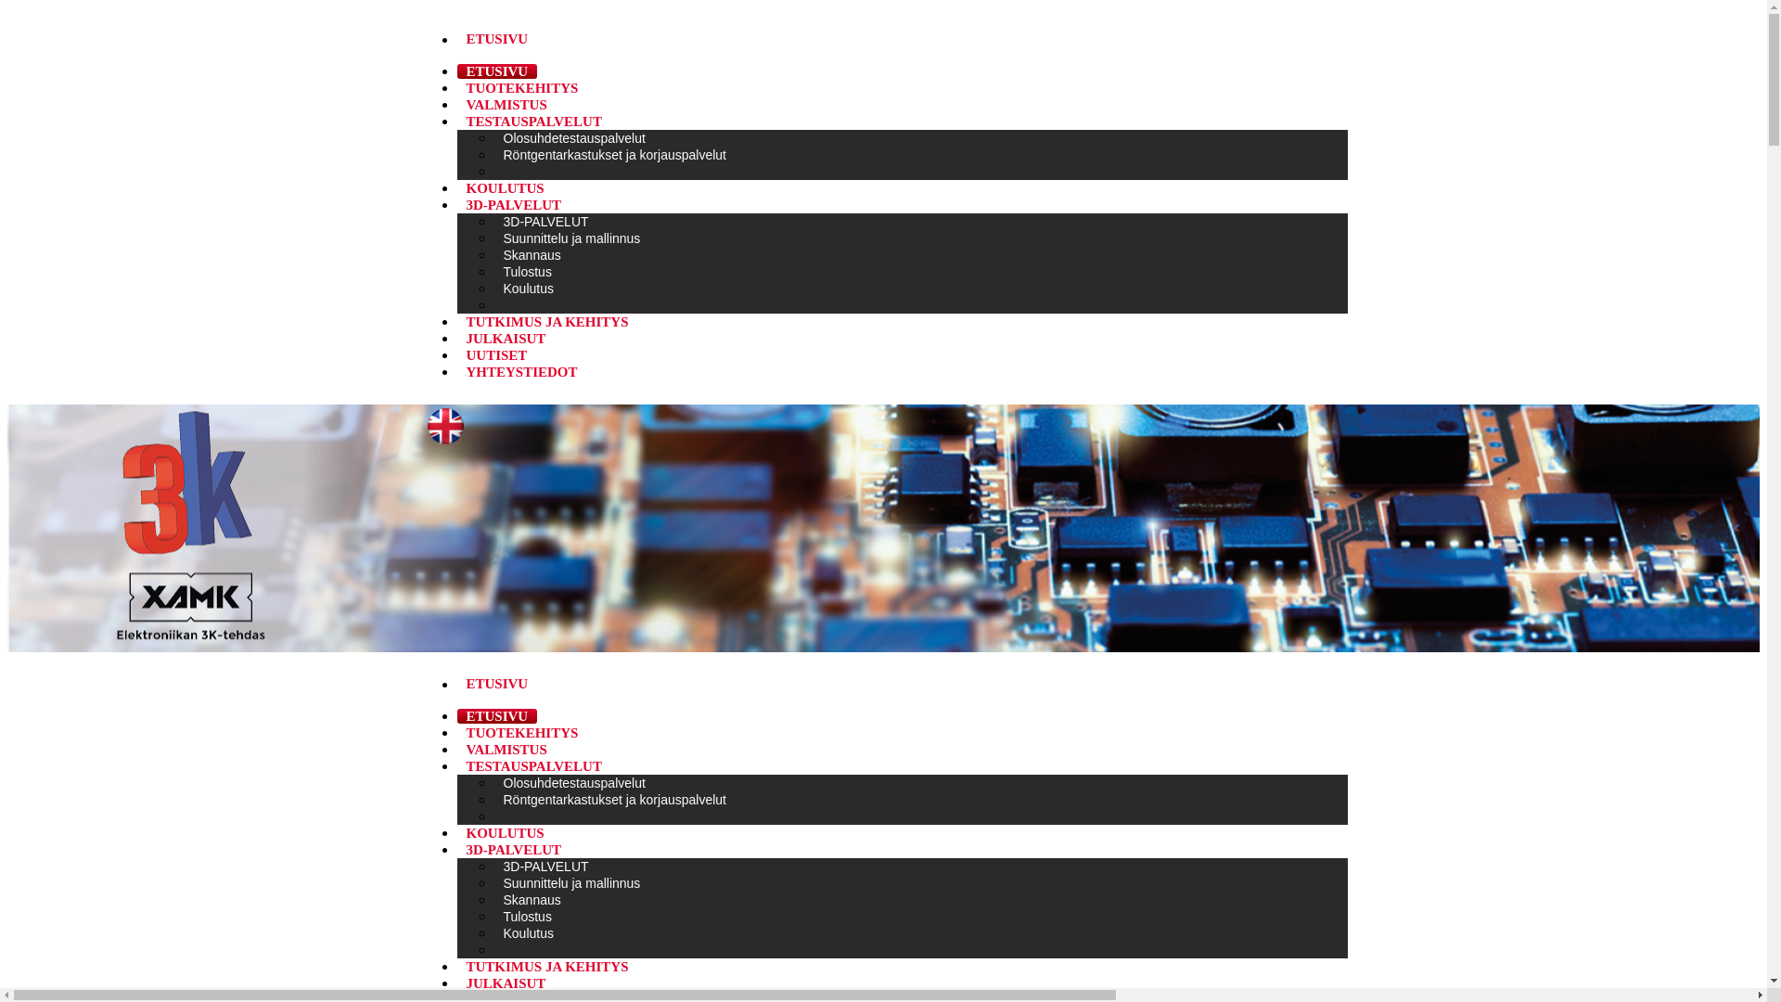 The image size is (1781, 1002). What do you see at coordinates (532, 122) in the screenshot?
I see `'TESTAUSPALVELUT'` at bounding box center [532, 122].